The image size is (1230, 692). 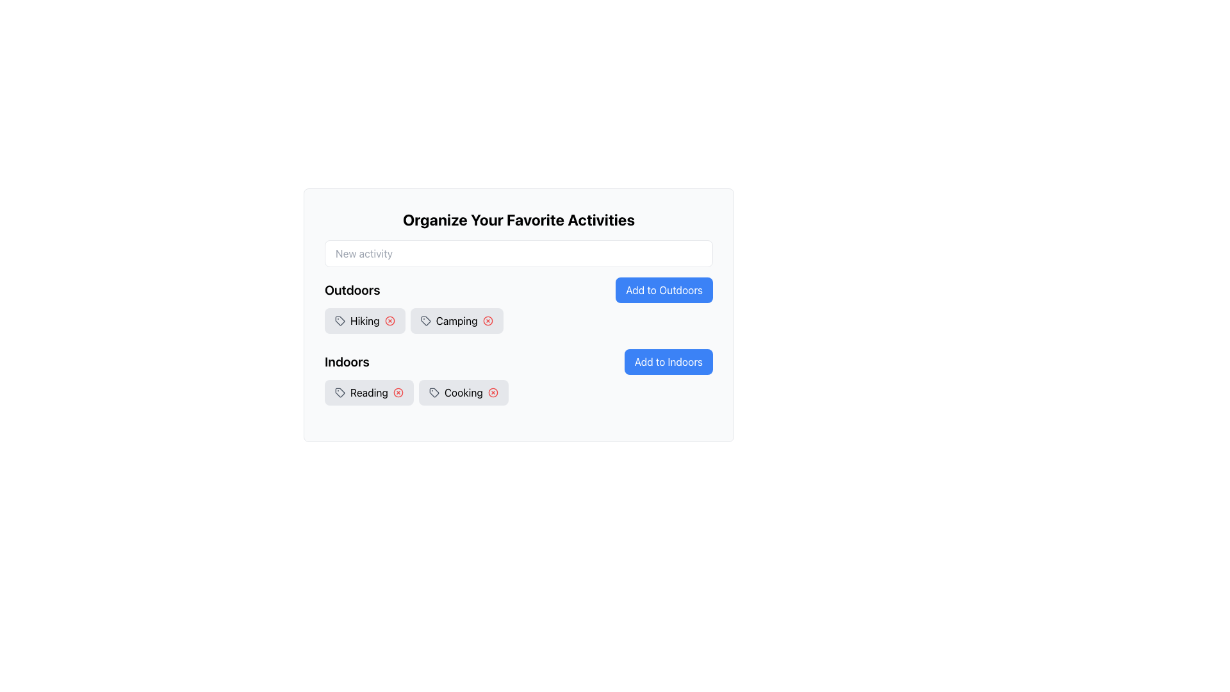 What do you see at coordinates (664, 290) in the screenshot?
I see `the button located under the 'Outdoors' section` at bounding box center [664, 290].